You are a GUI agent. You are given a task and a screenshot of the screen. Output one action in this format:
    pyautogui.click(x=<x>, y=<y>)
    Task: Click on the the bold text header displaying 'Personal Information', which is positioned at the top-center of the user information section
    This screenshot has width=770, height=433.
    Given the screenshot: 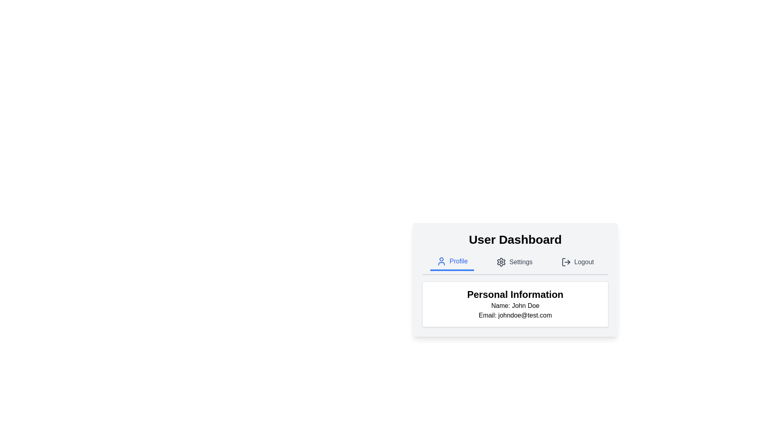 What is the action you would take?
    pyautogui.click(x=515, y=295)
    